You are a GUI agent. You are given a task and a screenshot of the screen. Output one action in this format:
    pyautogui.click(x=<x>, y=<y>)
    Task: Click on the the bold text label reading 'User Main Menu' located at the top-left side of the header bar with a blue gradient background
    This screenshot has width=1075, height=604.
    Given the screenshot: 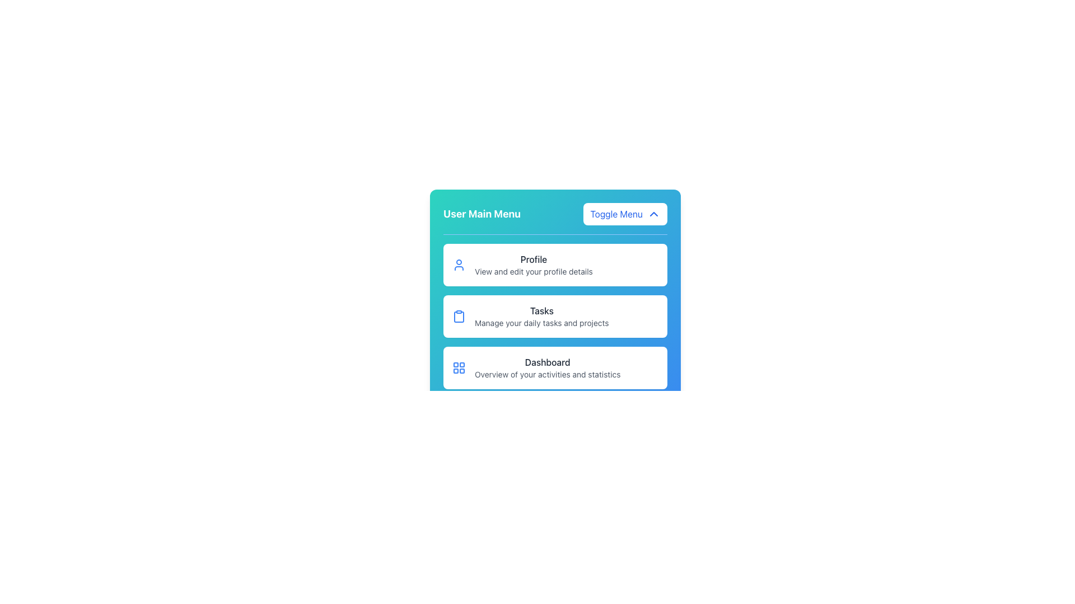 What is the action you would take?
    pyautogui.click(x=482, y=214)
    